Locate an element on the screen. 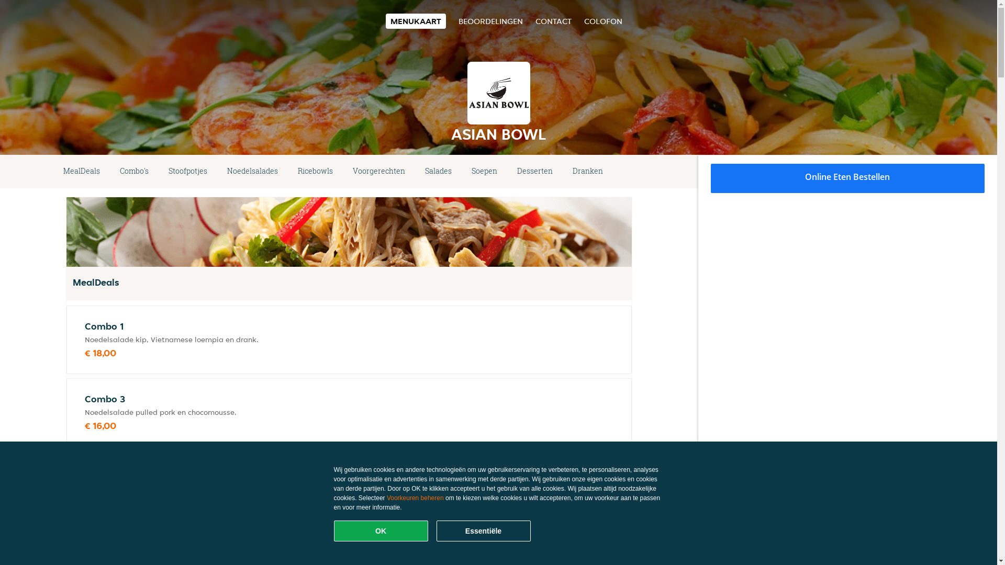 The image size is (1005, 565). 'OK' is located at coordinates (381, 530).